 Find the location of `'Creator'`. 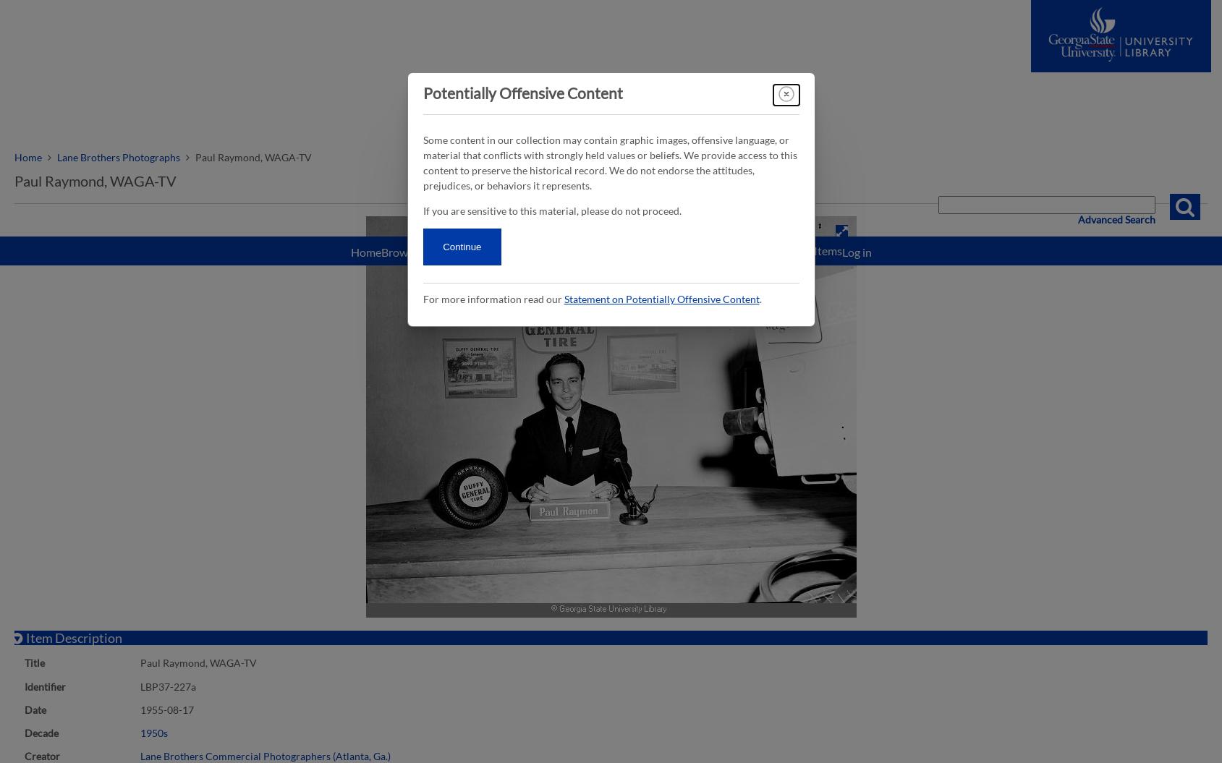

'Creator' is located at coordinates (41, 754).